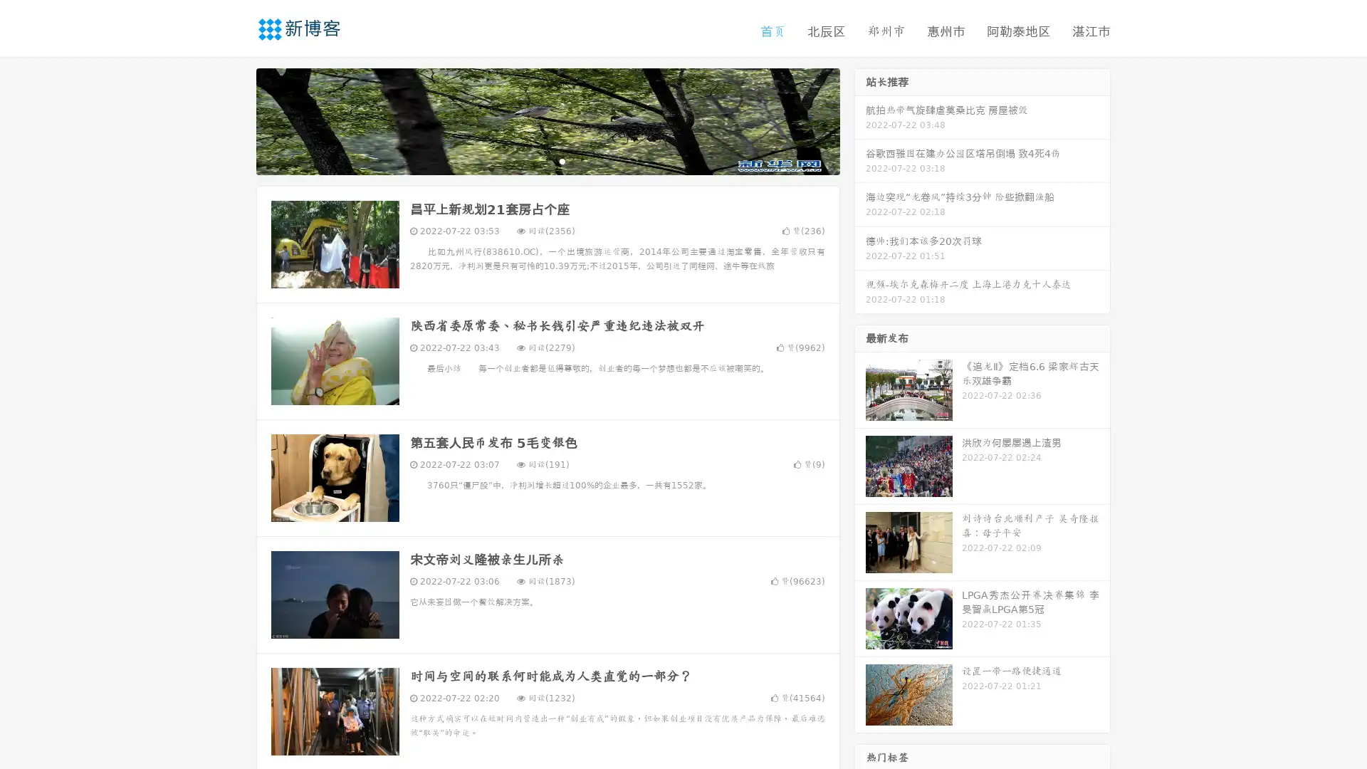  Describe the element at coordinates (547, 160) in the screenshot. I see `Go to slide 2` at that location.